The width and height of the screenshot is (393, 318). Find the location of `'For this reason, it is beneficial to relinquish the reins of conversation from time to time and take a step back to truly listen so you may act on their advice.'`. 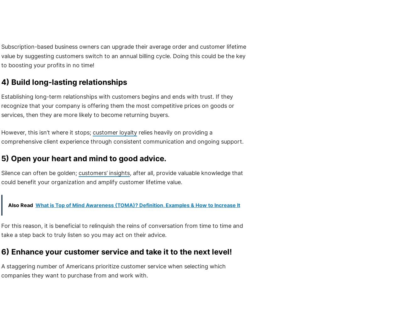

'For this reason, it is beneficial to relinquish the reins of conversation from time to time and take a step back to truly listen so you may act on their advice.' is located at coordinates (1, 230).